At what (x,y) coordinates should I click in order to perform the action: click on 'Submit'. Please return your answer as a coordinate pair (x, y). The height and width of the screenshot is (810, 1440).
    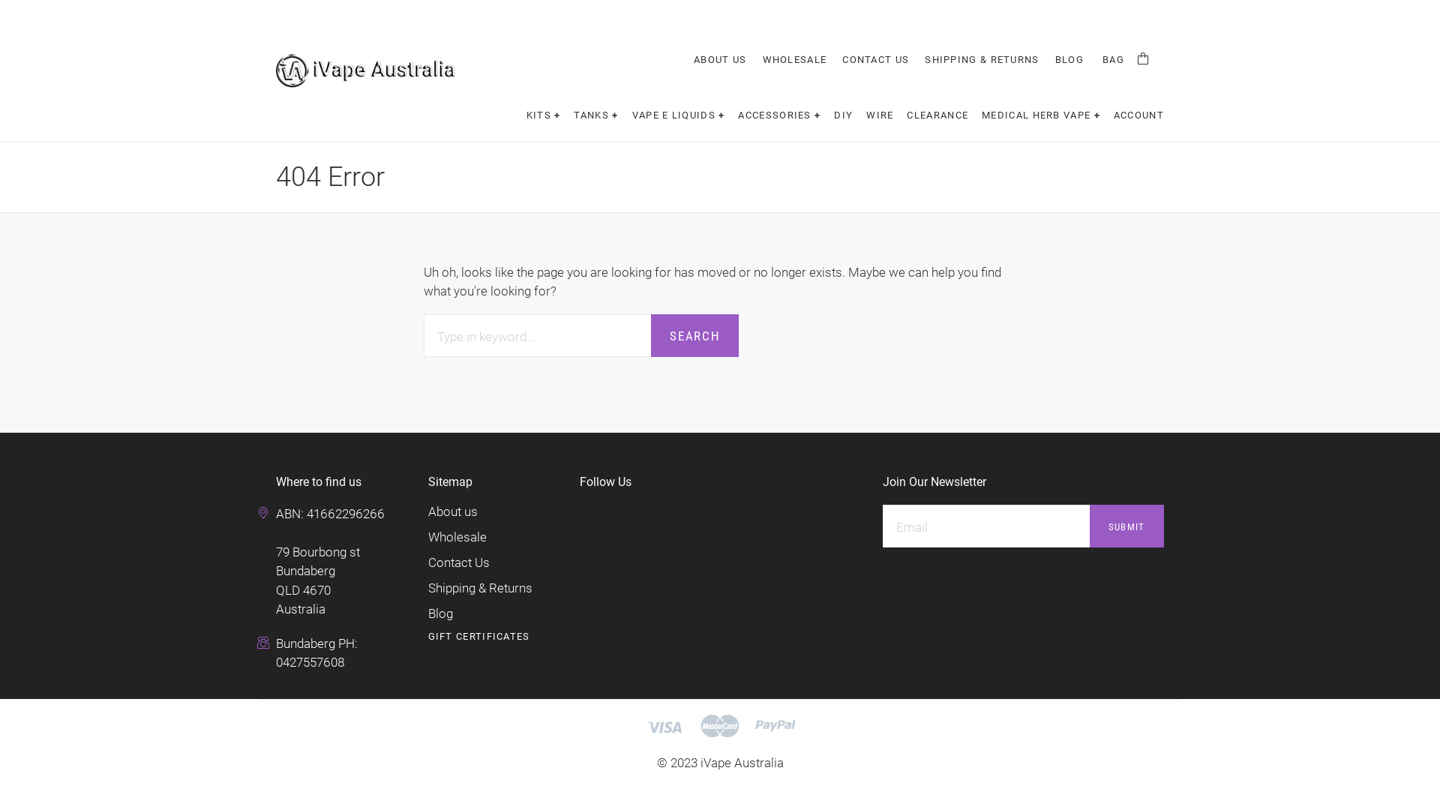
    Looking at the image, I should click on (1126, 525).